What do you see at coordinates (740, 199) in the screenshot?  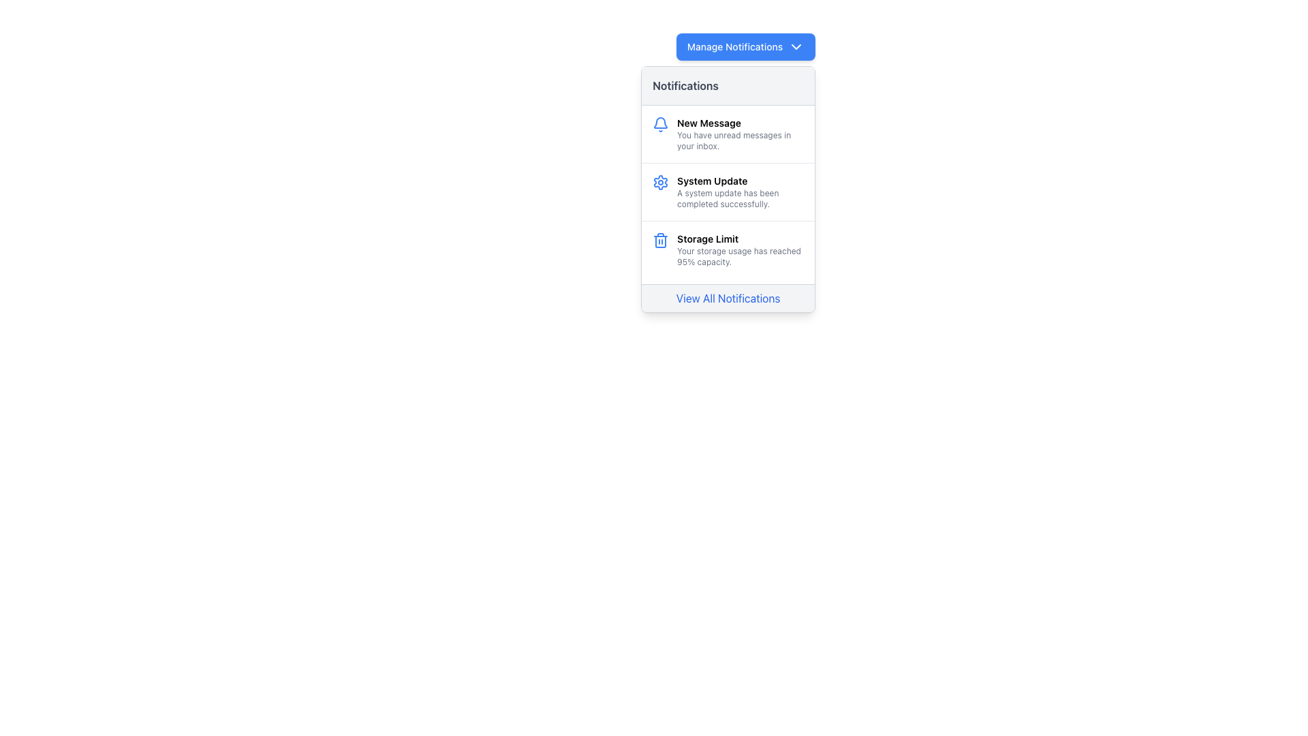 I see `the light gray text block that reads 'A system update has been completed successfully.', positioned directly under the bolded title 'System Update' in the notification panel` at bounding box center [740, 199].